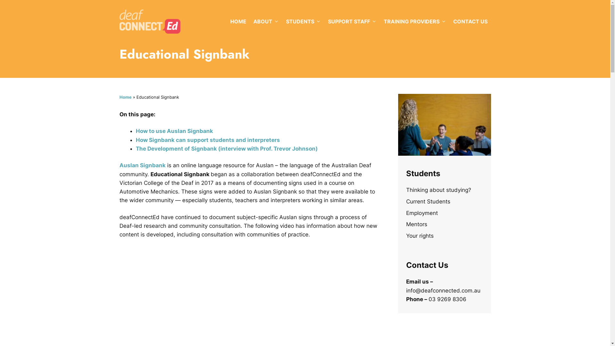 The width and height of the screenshot is (615, 346). What do you see at coordinates (422, 213) in the screenshot?
I see `'Employment'` at bounding box center [422, 213].